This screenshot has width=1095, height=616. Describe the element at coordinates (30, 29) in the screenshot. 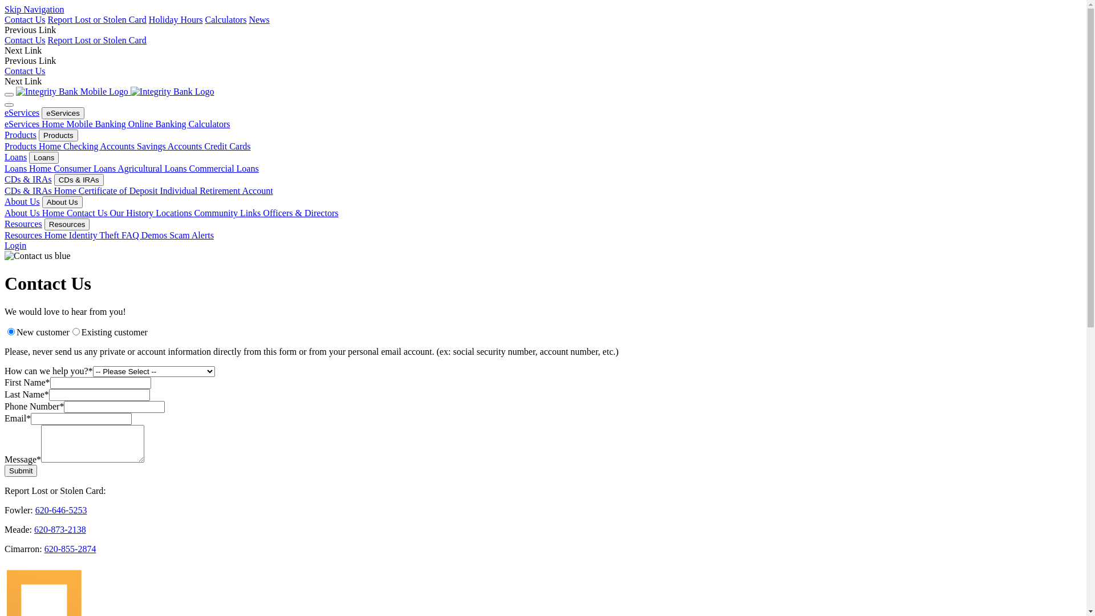

I see `'Previous Link'` at that location.